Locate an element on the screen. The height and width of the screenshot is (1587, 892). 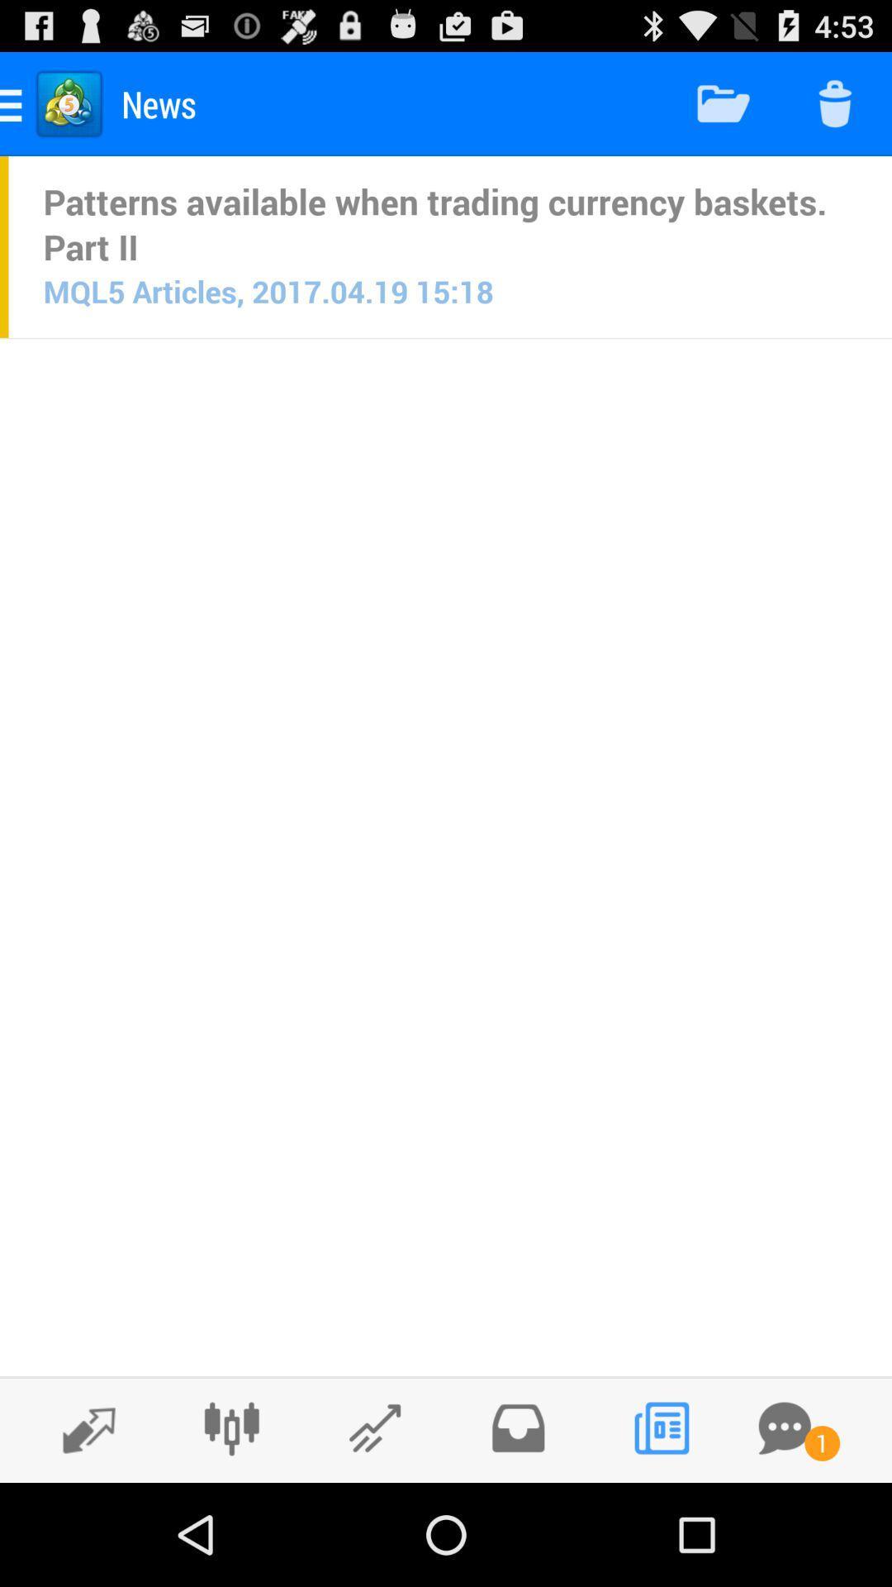
item above mql5 articles 2017 item is located at coordinates (450, 223).